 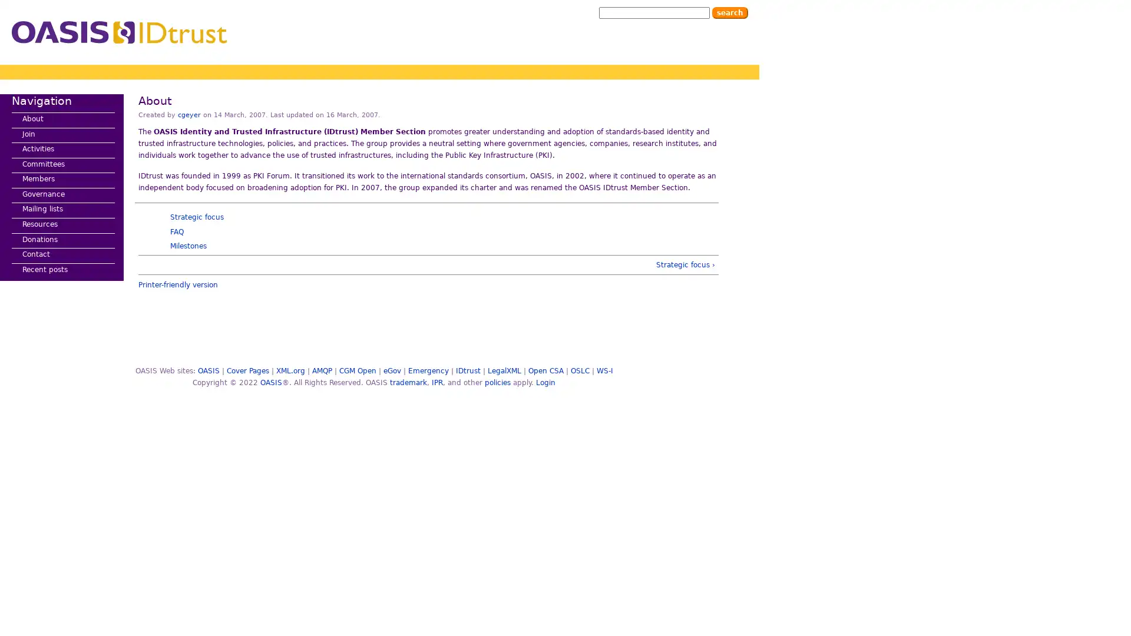 I want to click on Search, so click(x=729, y=13).